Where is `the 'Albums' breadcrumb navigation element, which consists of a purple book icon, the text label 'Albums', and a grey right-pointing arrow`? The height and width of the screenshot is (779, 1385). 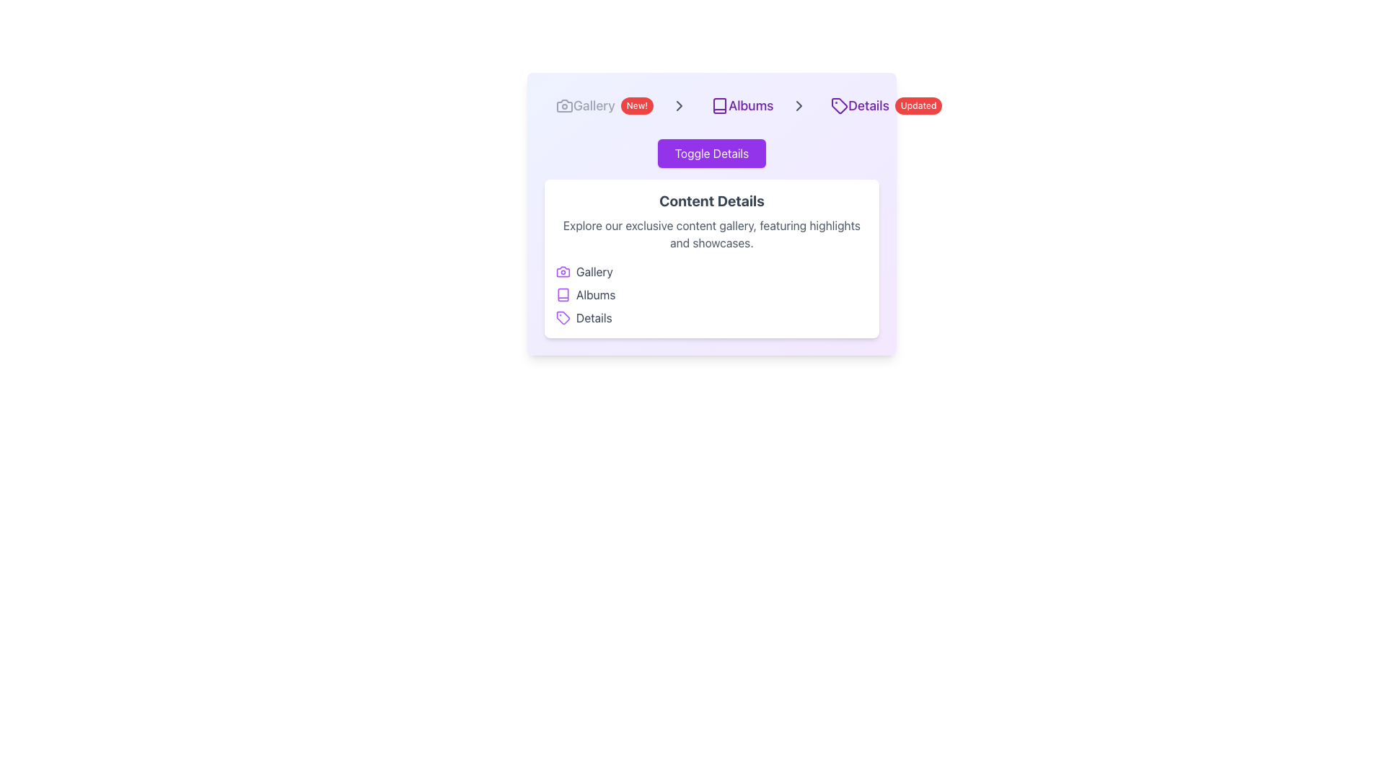 the 'Albums' breadcrumb navigation element, which consists of a purple book icon, the text label 'Albums', and a grey right-pointing arrow is located at coordinates (753, 105).